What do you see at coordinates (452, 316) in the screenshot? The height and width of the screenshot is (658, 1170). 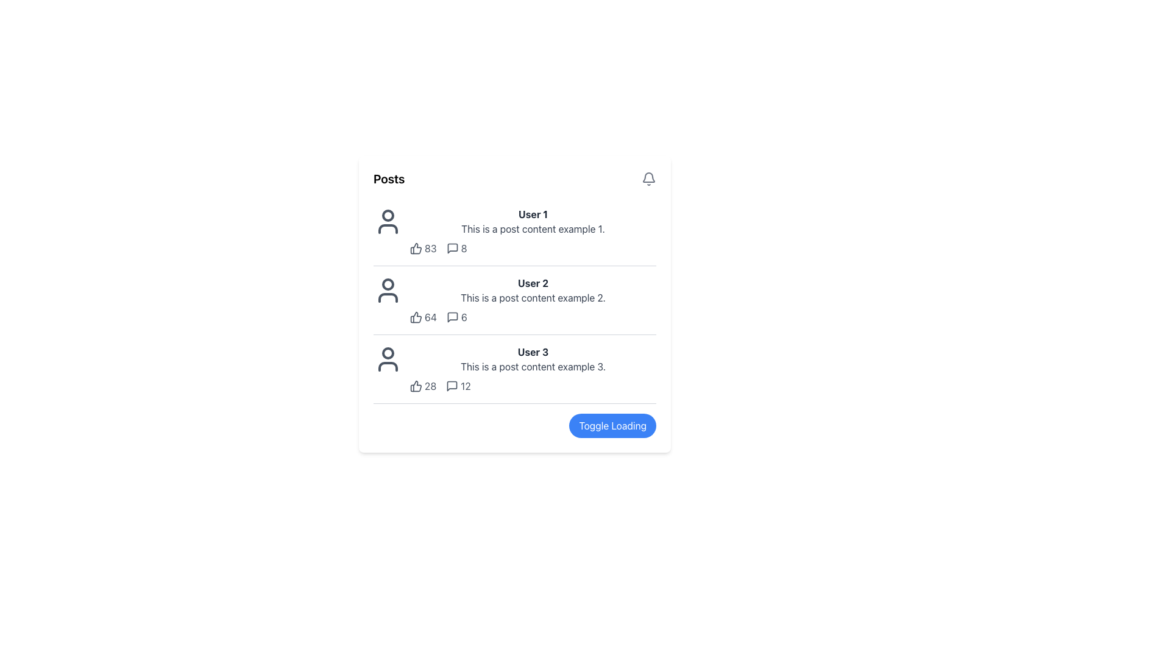 I see `the comment/reply icon next` at bounding box center [452, 316].